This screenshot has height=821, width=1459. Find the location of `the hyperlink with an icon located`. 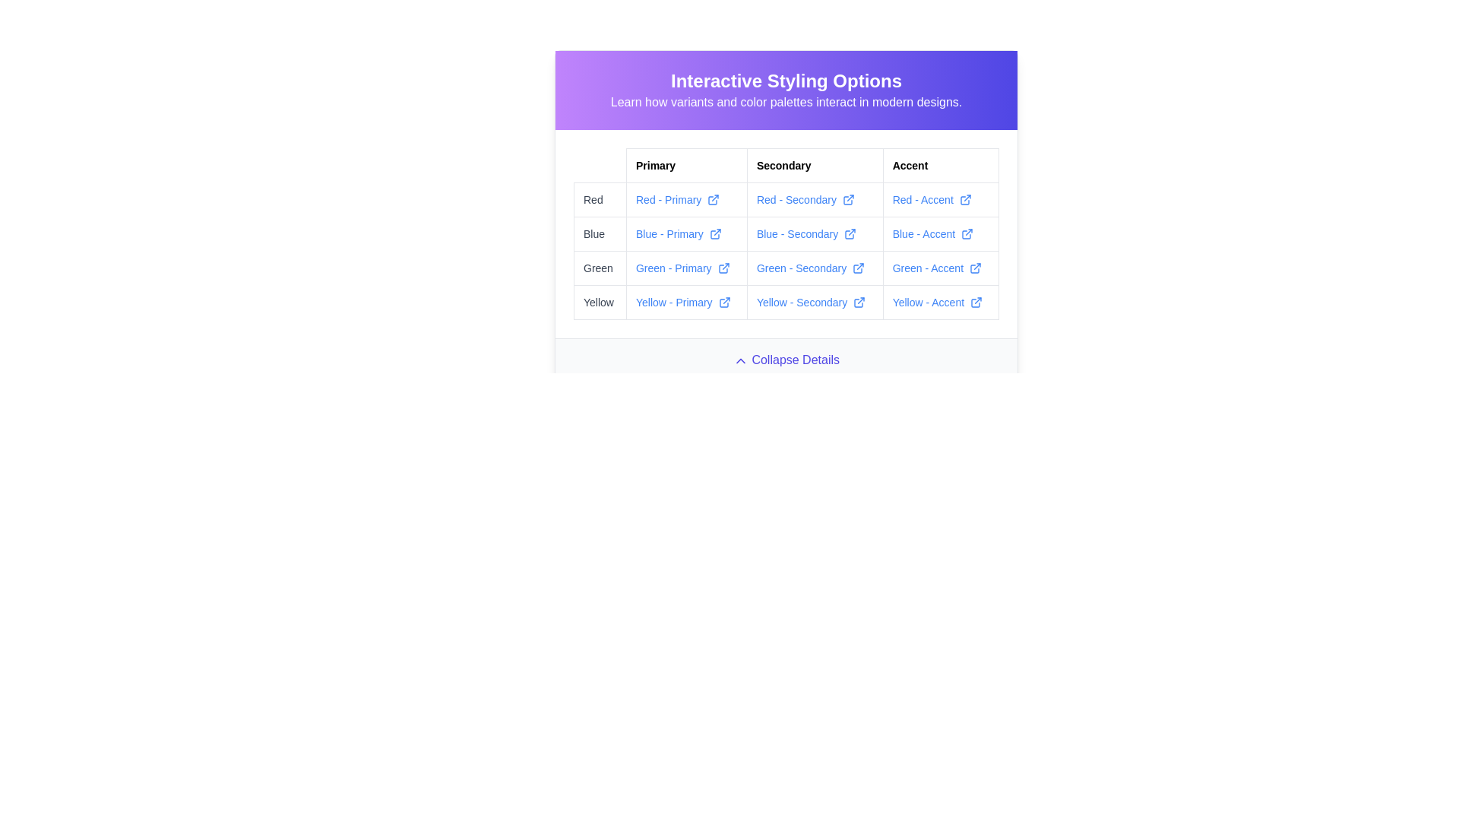

the hyperlink with an icon located is located at coordinates (936, 268).